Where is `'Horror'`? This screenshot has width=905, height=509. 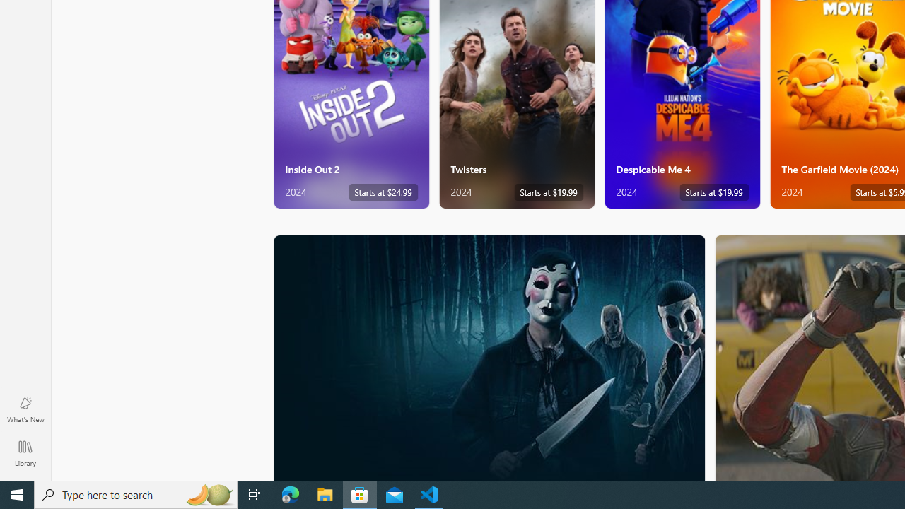
'Horror' is located at coordinates (489, 356).